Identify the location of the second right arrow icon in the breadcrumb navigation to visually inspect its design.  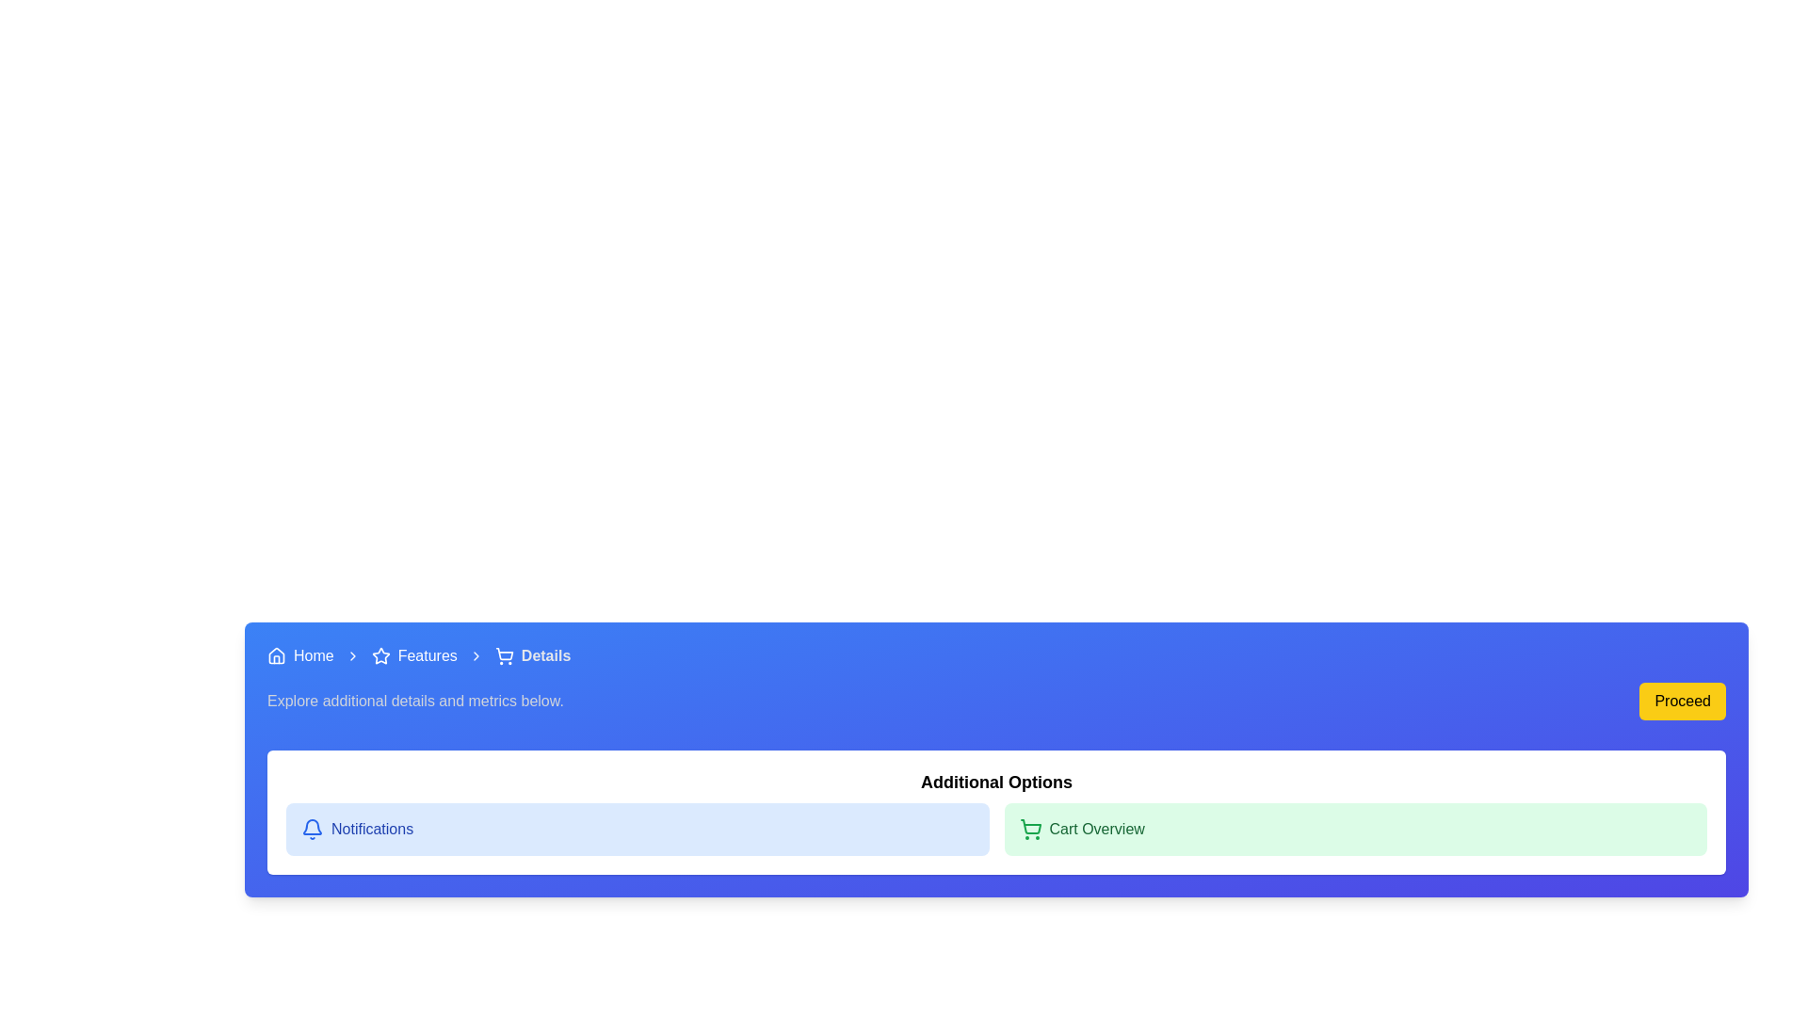
(476, 655).